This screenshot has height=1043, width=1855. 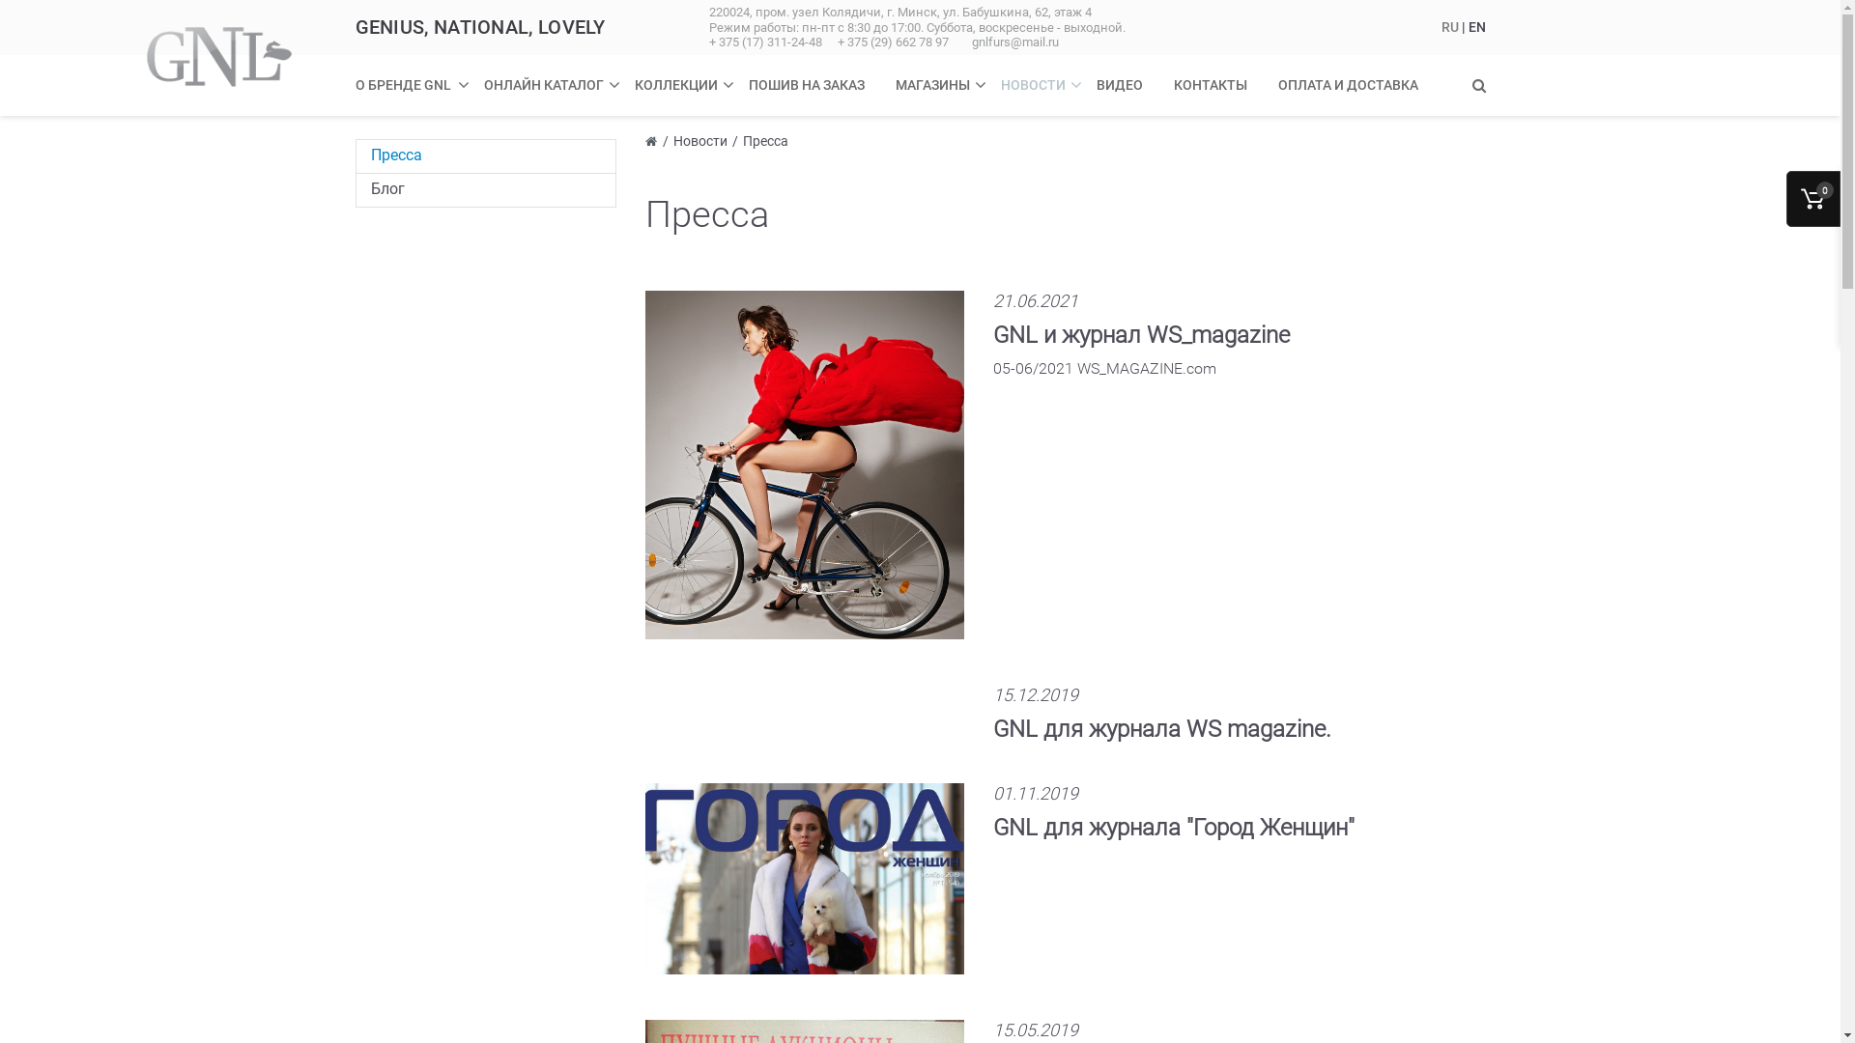 What do you see at coordinates (767, 42) in the screenshot?
I see `'+ 375 (17) 311-24-48  '` at bounding box center [767, 42].